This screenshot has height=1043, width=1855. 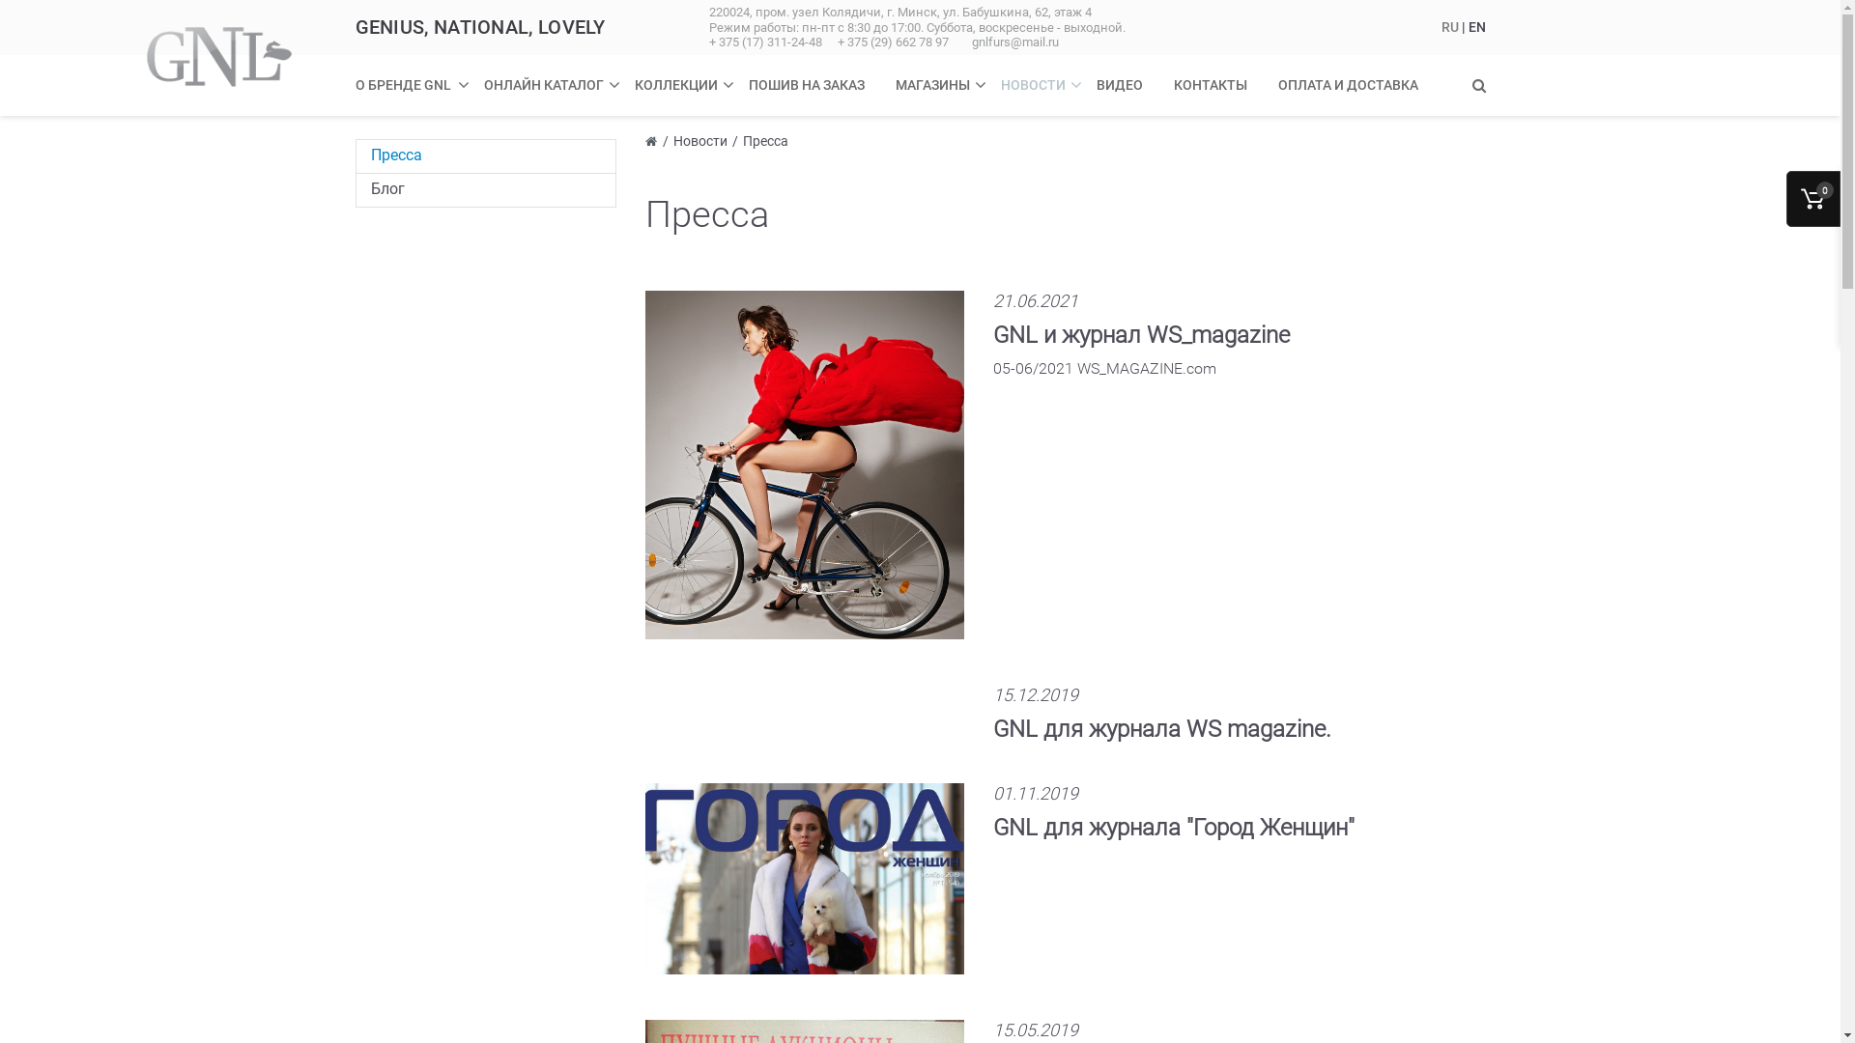 What do you see at coordinates (767, 42) in the screenshot?
I see `'+ 375 (17) 311-24-48  '` at bounding box center [767, 42].